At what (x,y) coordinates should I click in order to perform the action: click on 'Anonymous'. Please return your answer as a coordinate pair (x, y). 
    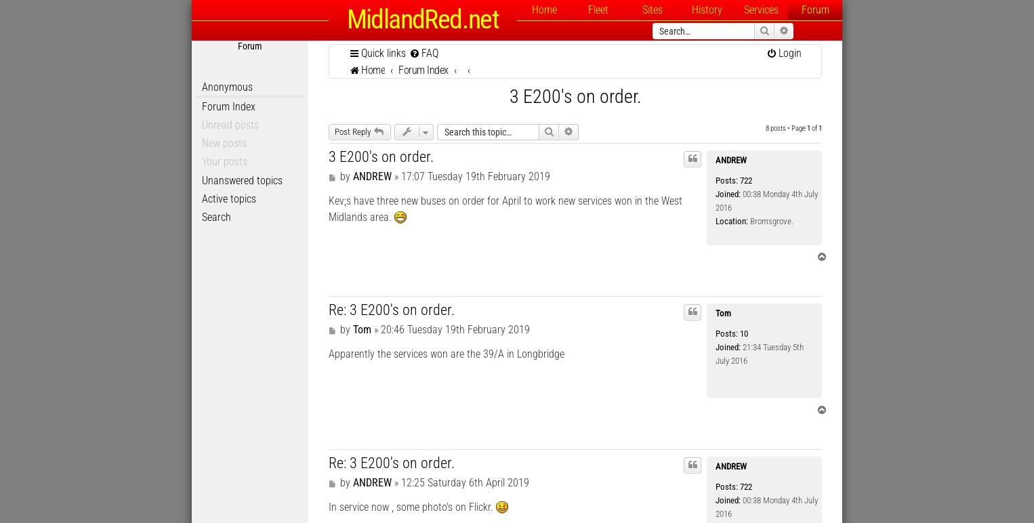
    Looking at the image, I should click on (226, 85).